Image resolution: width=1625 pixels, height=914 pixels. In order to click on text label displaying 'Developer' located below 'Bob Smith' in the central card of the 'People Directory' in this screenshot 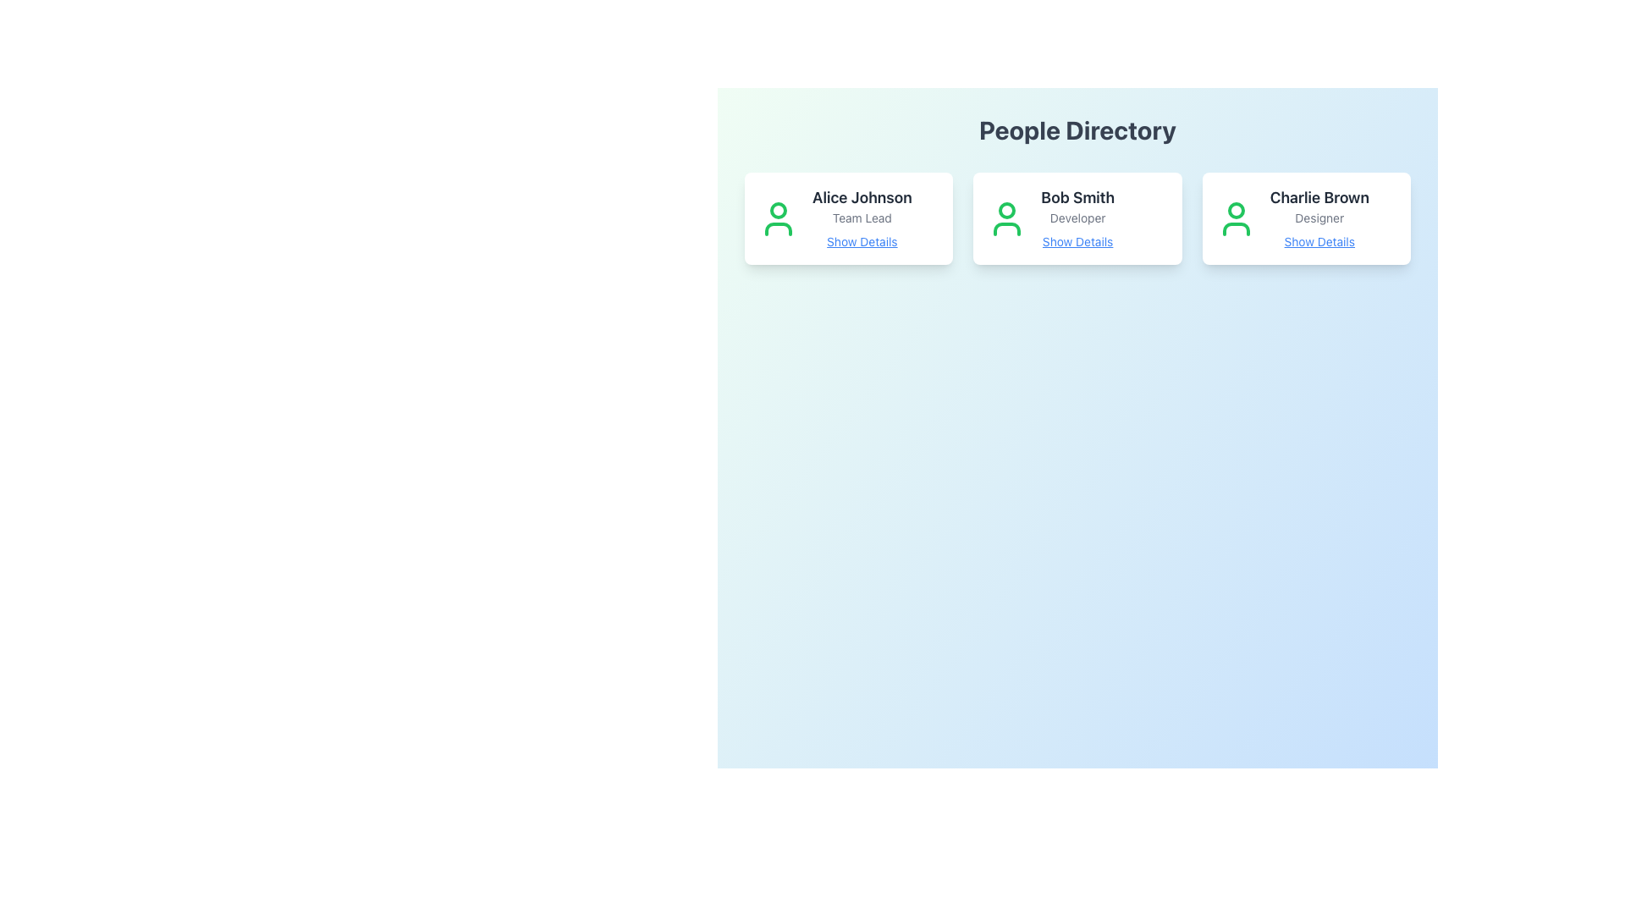, I will do `click(1077, 217)`.